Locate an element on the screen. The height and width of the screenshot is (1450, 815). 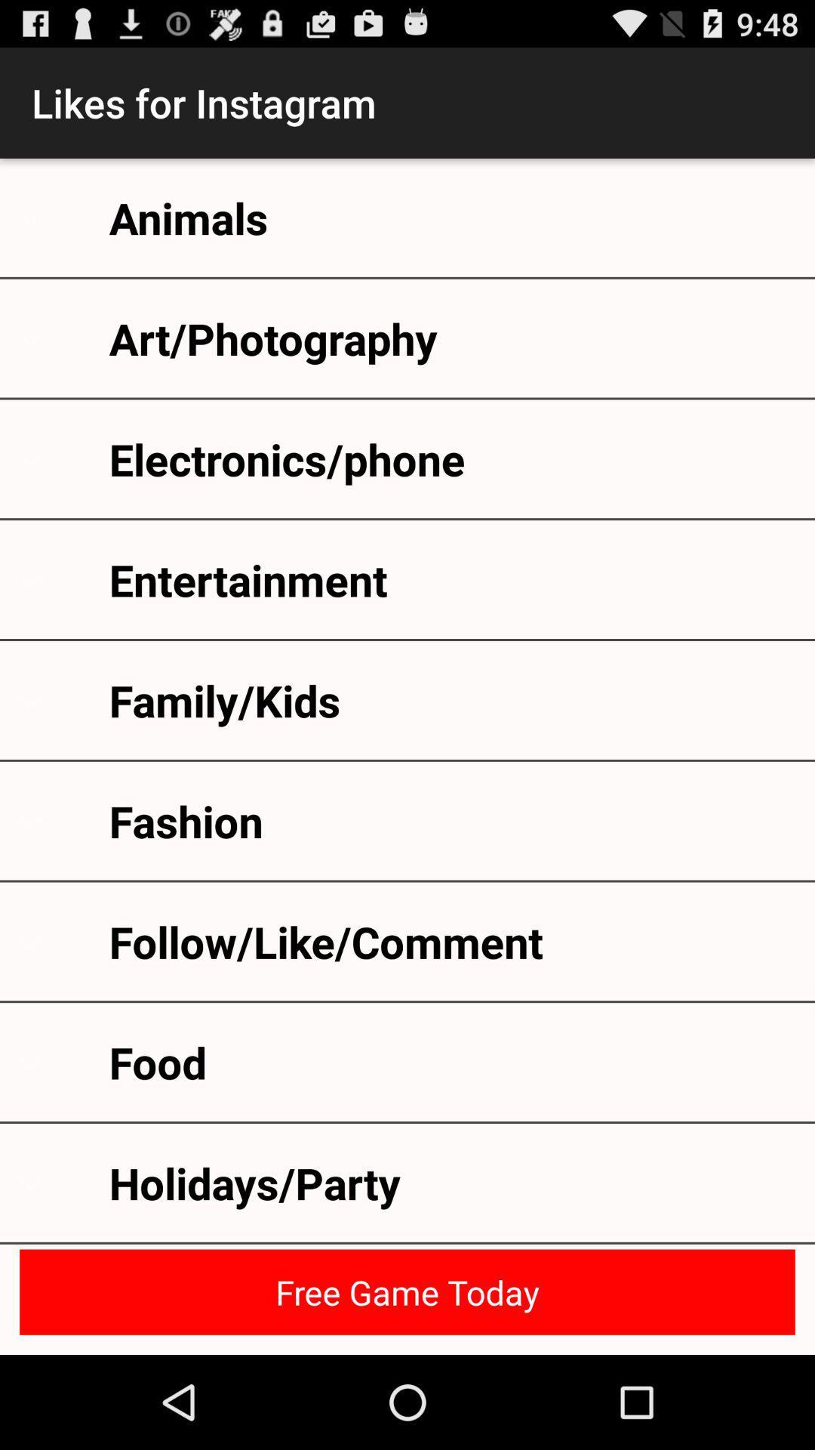
the free game today is located at coordinates (407, 1291).